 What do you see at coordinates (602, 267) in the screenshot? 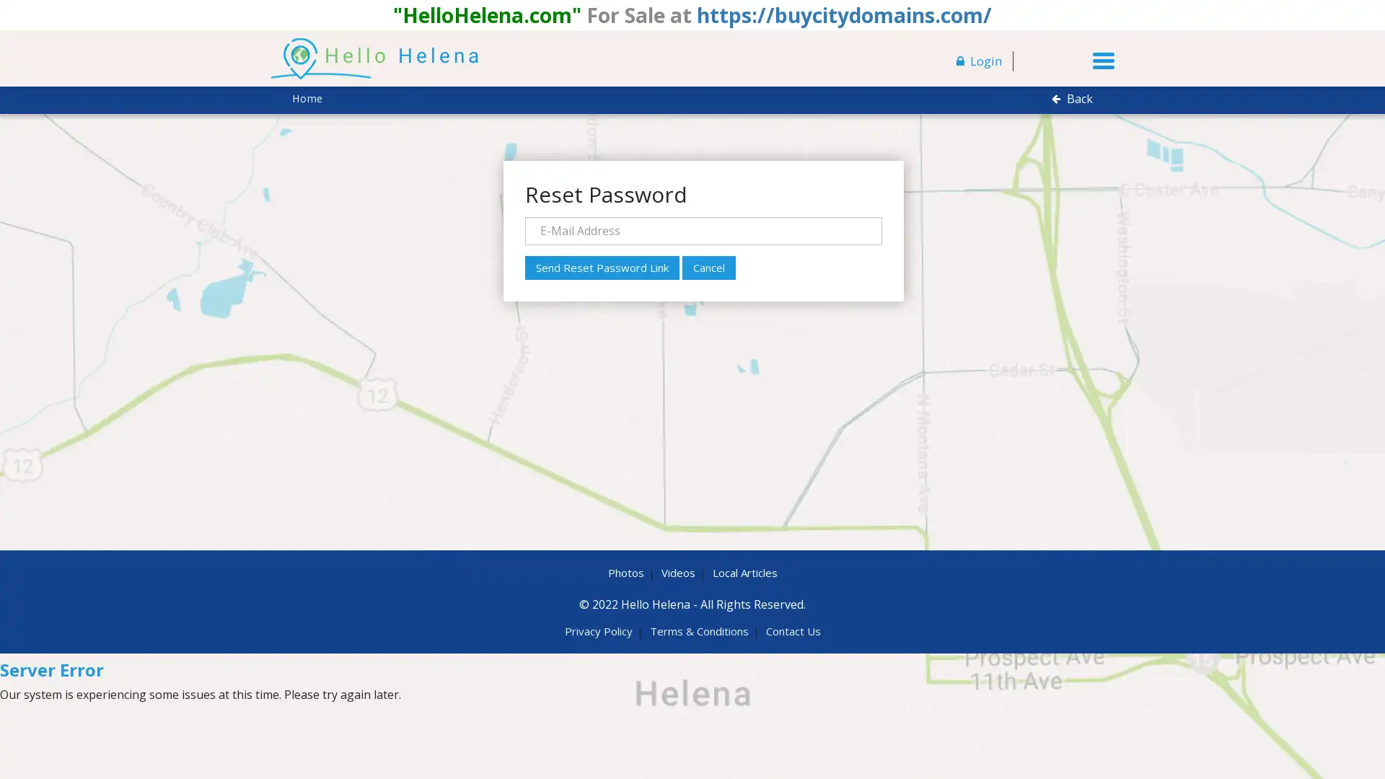
I see `Send Reset Password Link` at bounding box center [602, 267].